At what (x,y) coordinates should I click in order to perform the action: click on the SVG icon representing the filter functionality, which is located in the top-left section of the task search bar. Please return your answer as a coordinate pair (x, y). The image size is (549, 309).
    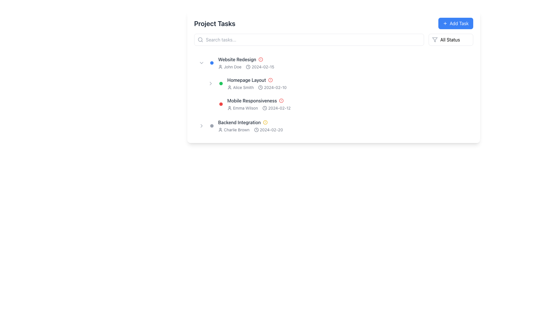
    Looking at the image, I should click on (435, 39).